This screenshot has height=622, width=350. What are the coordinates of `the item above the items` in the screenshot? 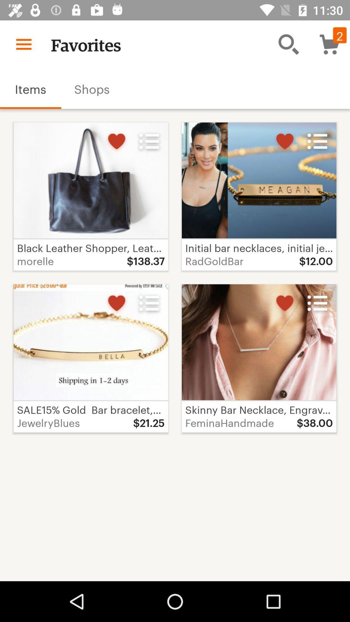 It's located at (23, 44).